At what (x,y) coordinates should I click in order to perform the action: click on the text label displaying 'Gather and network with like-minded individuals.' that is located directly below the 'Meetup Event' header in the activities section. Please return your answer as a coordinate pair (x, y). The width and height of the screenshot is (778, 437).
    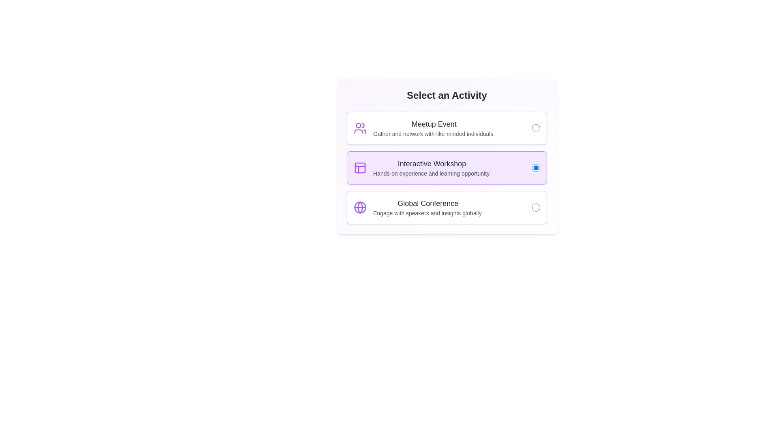
    Looking at the image, I should click on (434, 134).